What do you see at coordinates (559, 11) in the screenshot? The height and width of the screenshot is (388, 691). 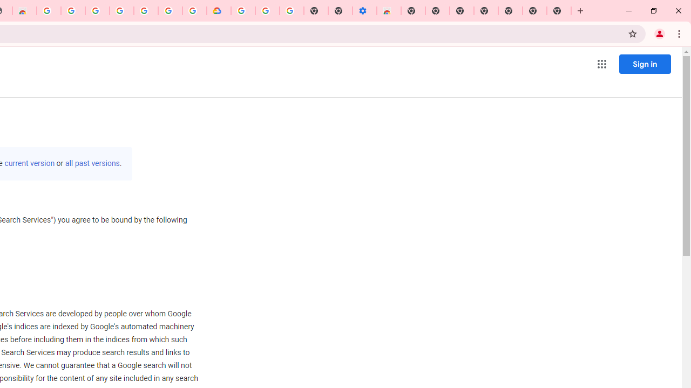 I see `'New Tab'` at bounding box center [559, 11].